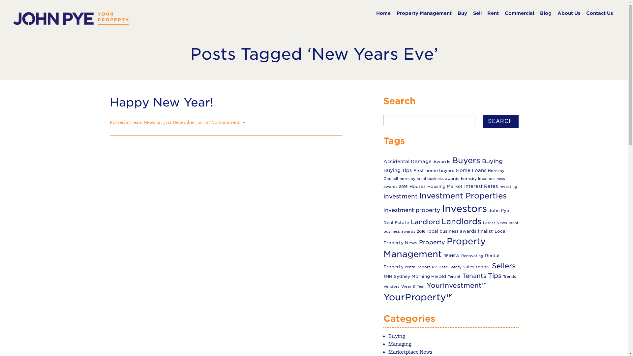  What do you see at coordinates (463, 195) in the screenshot?
I see `'Investment Properties'` at bounding box center [463, 195].